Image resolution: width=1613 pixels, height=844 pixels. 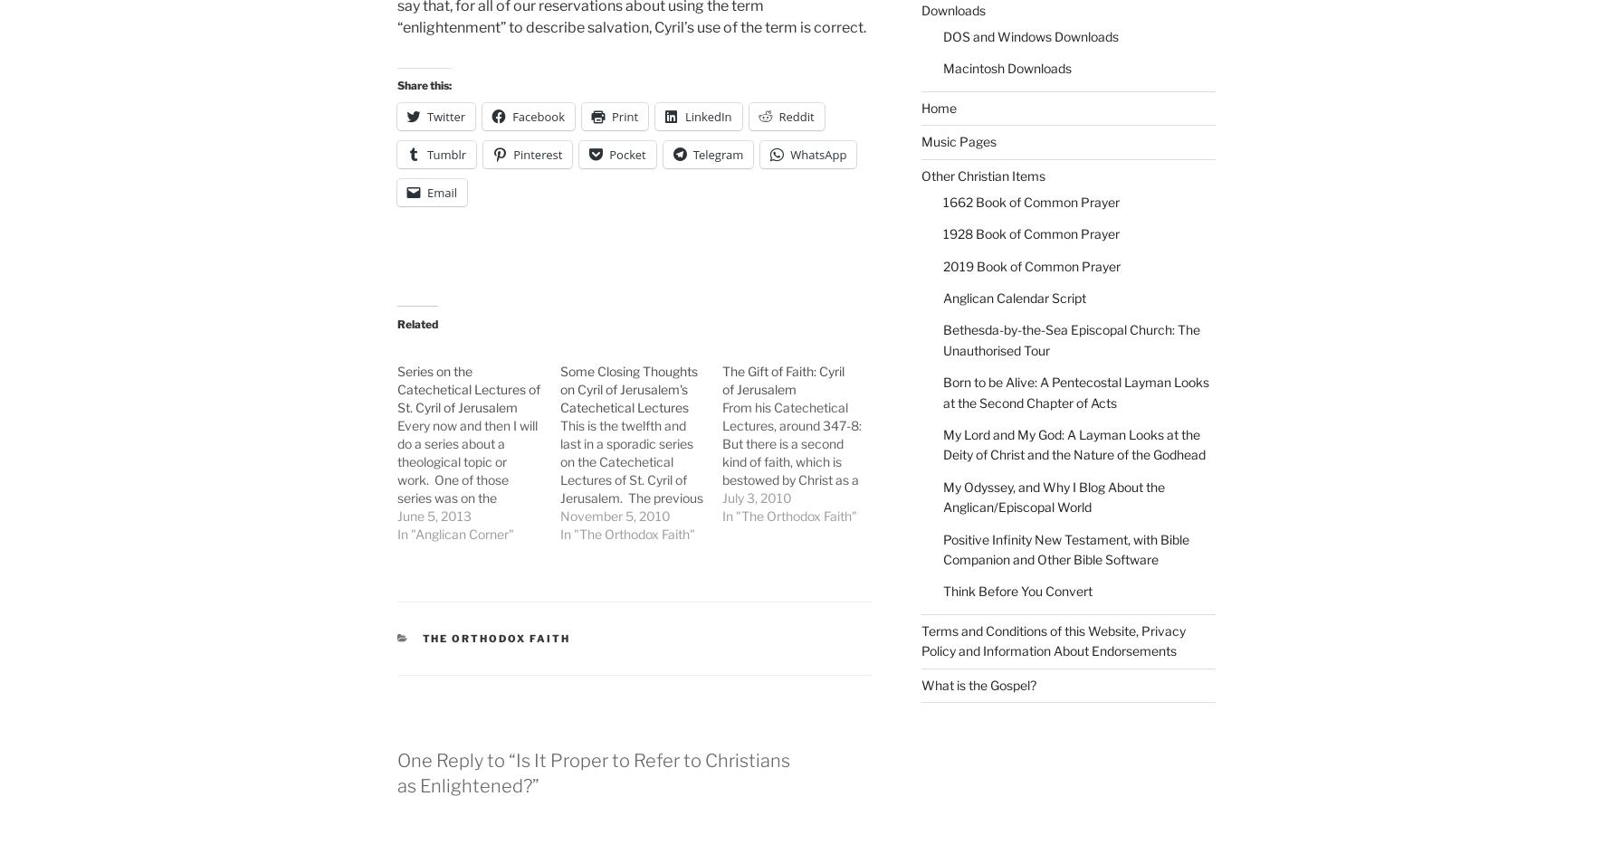 What do you see at coordinates (537, 153) in the screenshot?
I see `'Pinterest'` at bounding box center [537, 153].